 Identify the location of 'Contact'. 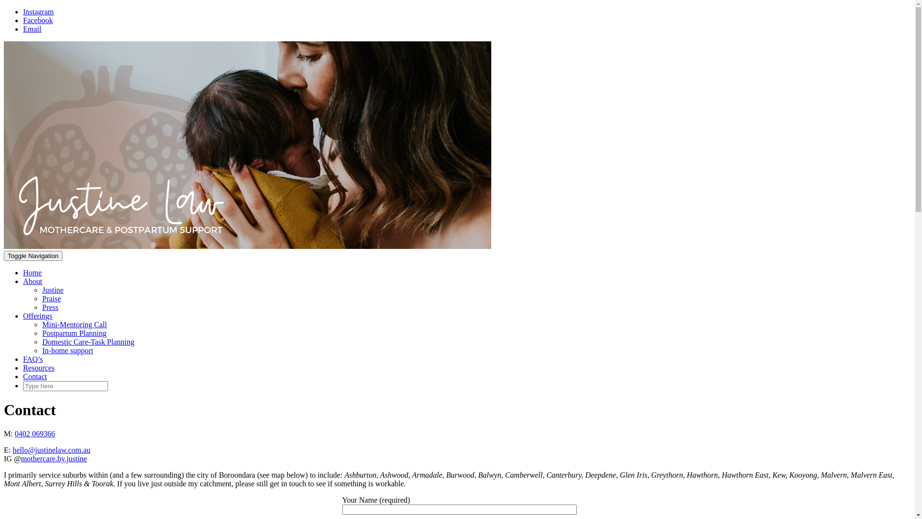
(35, 376).